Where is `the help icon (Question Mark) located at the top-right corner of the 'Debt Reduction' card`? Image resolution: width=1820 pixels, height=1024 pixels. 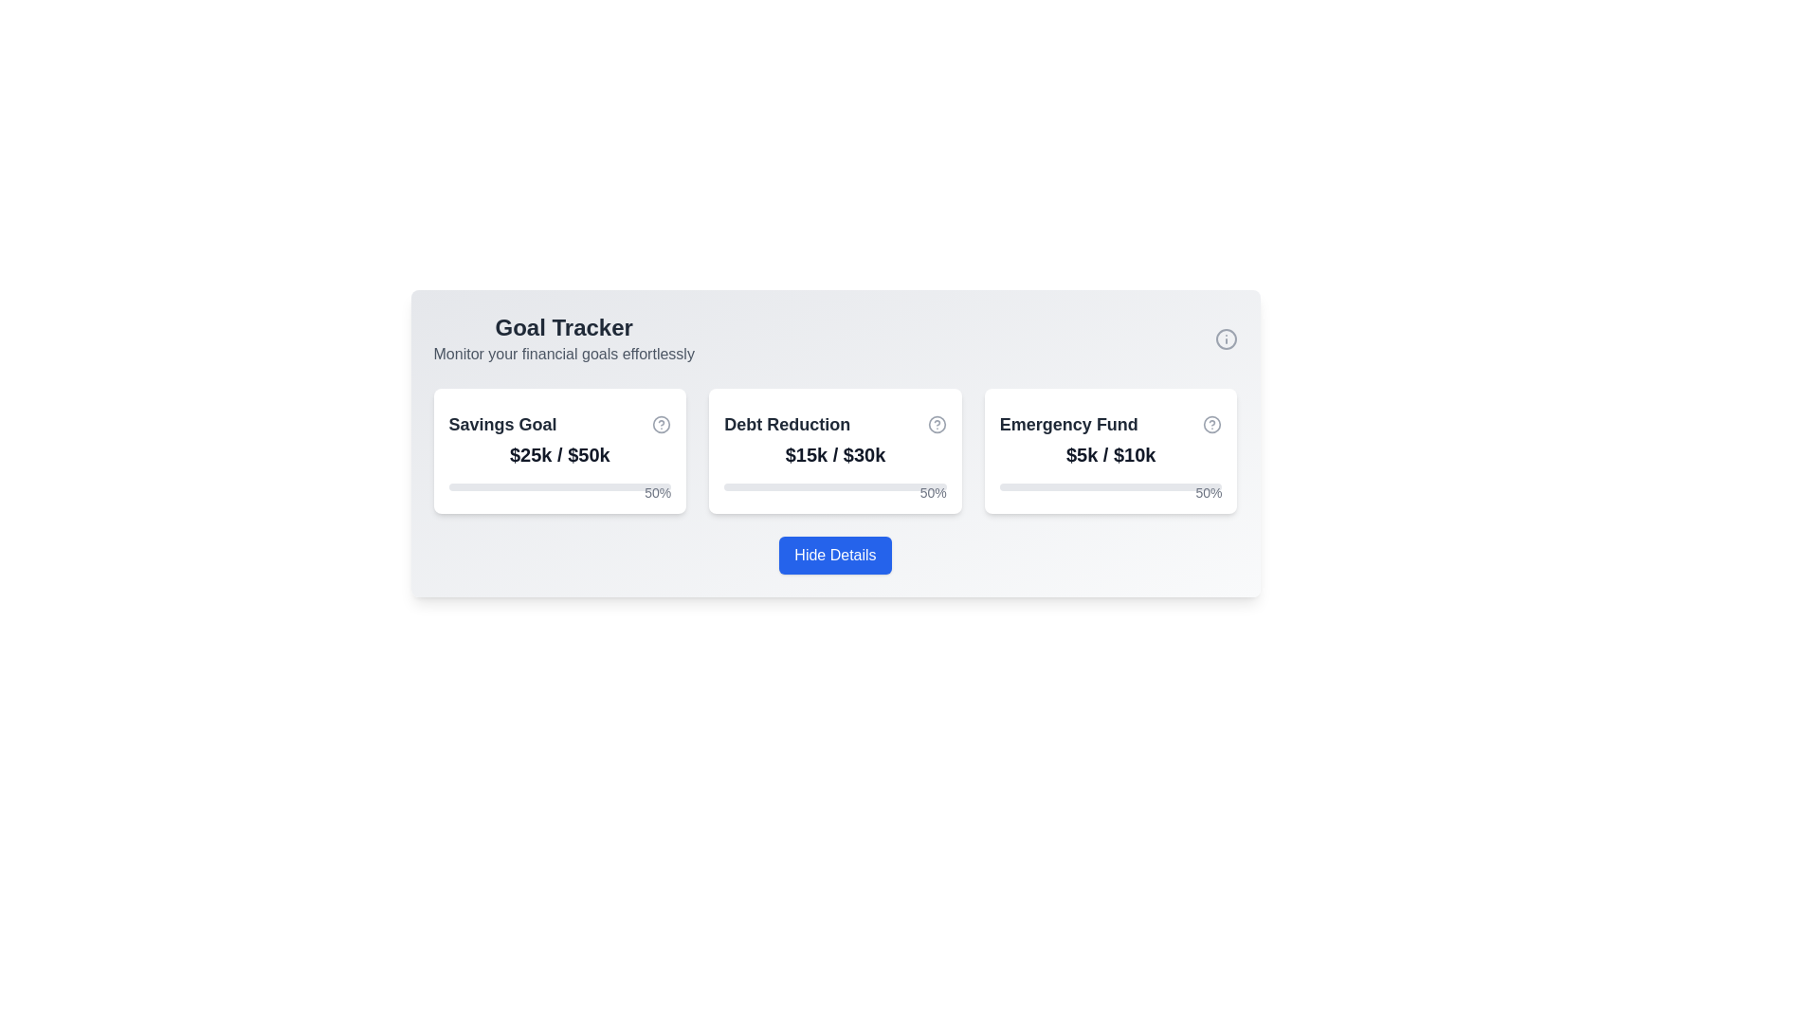 the help icon (Question Mark) located at the top-right corner of the 'Debt Reduction' card is located at coordinates (937, 423).